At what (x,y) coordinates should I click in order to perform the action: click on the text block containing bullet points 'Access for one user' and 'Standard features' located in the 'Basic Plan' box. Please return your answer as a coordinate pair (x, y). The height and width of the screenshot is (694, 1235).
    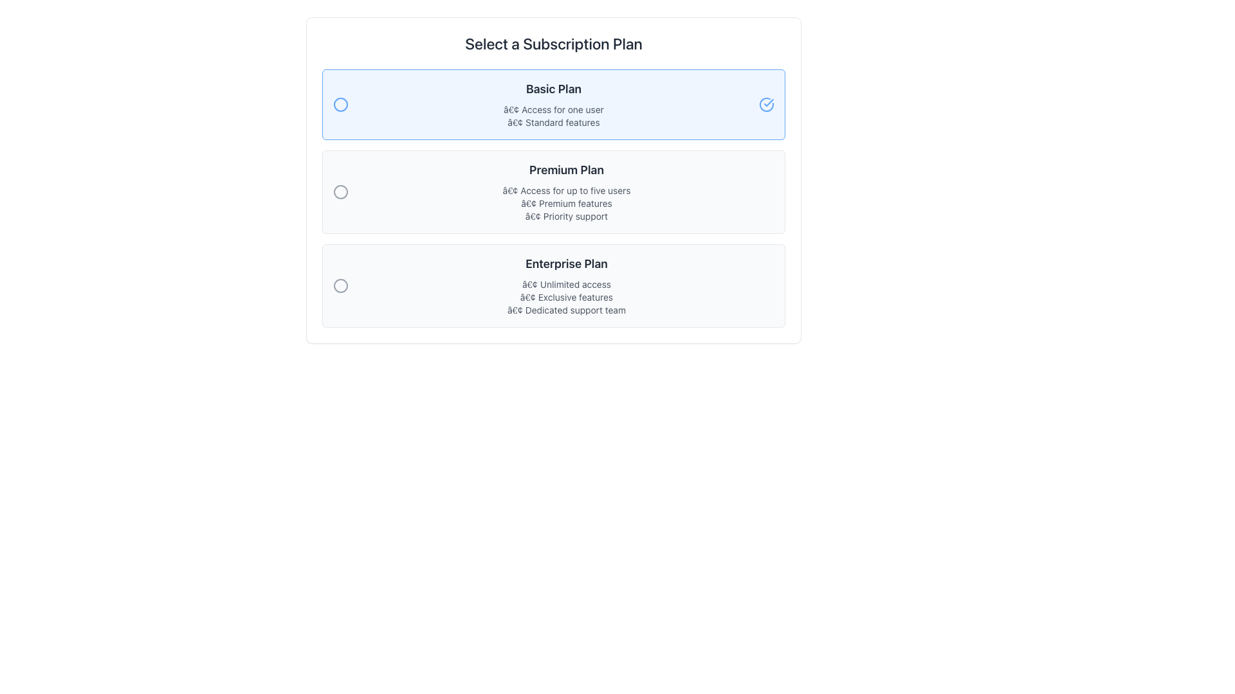
    Looking at the image, I should click on (553, 116).